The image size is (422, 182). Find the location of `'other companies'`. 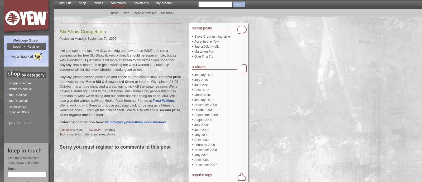

'other companies' is located at coordinates (83, 134).